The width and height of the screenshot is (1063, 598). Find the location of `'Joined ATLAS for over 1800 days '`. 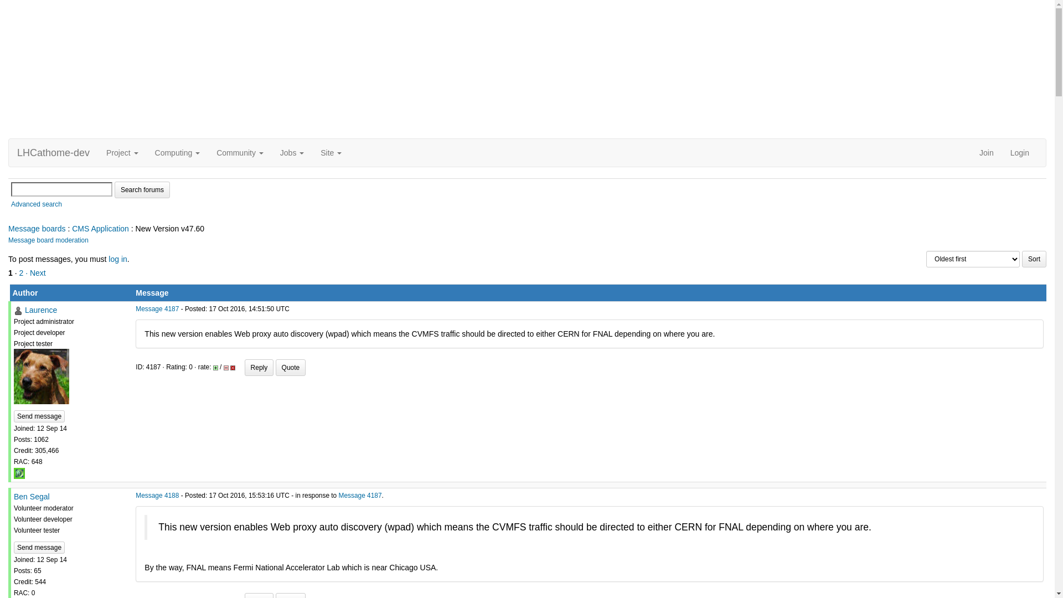

'Joined ATLAS for over 1800 days ' is located at coordinates (13, 473).